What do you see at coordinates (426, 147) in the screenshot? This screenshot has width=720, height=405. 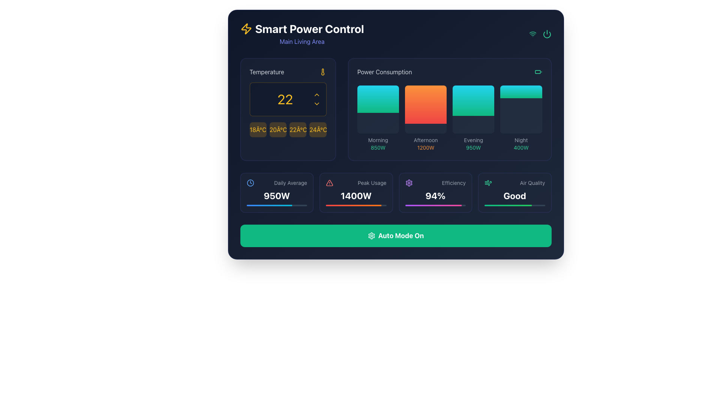 I see `the power consumption text label displaying '1200W' located at the bottom-center of the 'Power Consumption' section, directly below the 'Afternoon' label` at bounding box center [426, 147].